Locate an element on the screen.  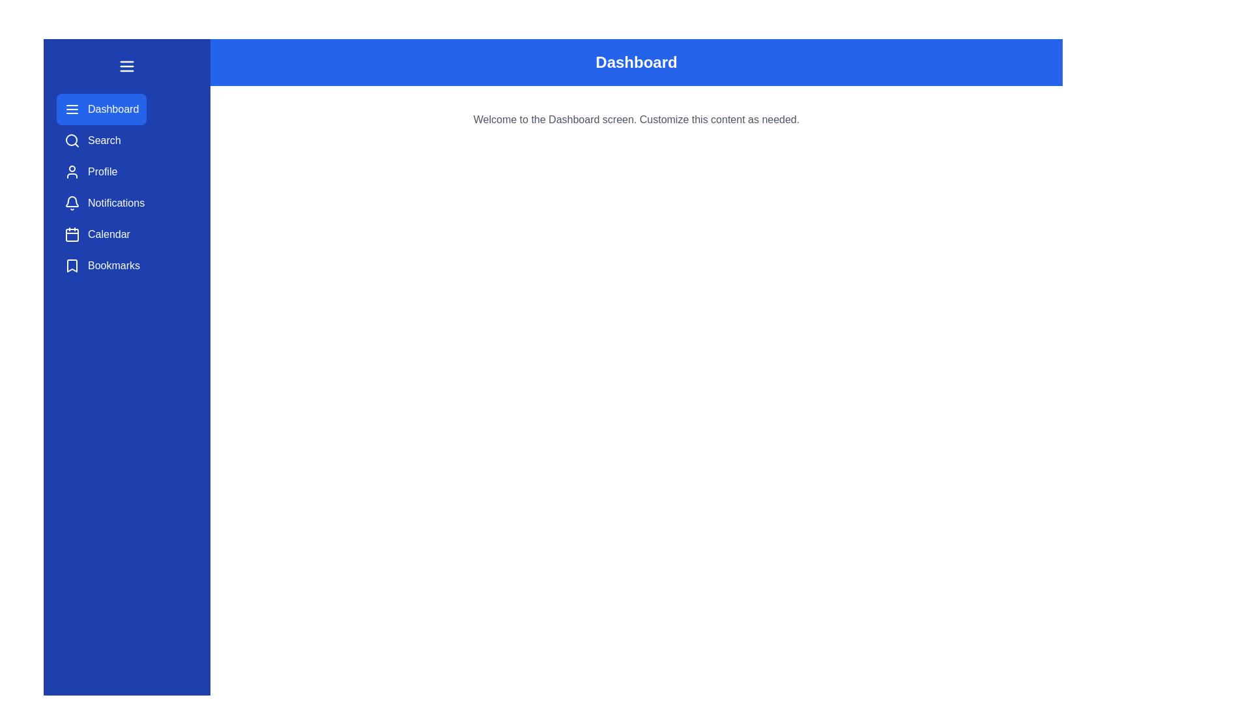
the button at the top of the left navigation sidebar is located at coordinates (127, 66).